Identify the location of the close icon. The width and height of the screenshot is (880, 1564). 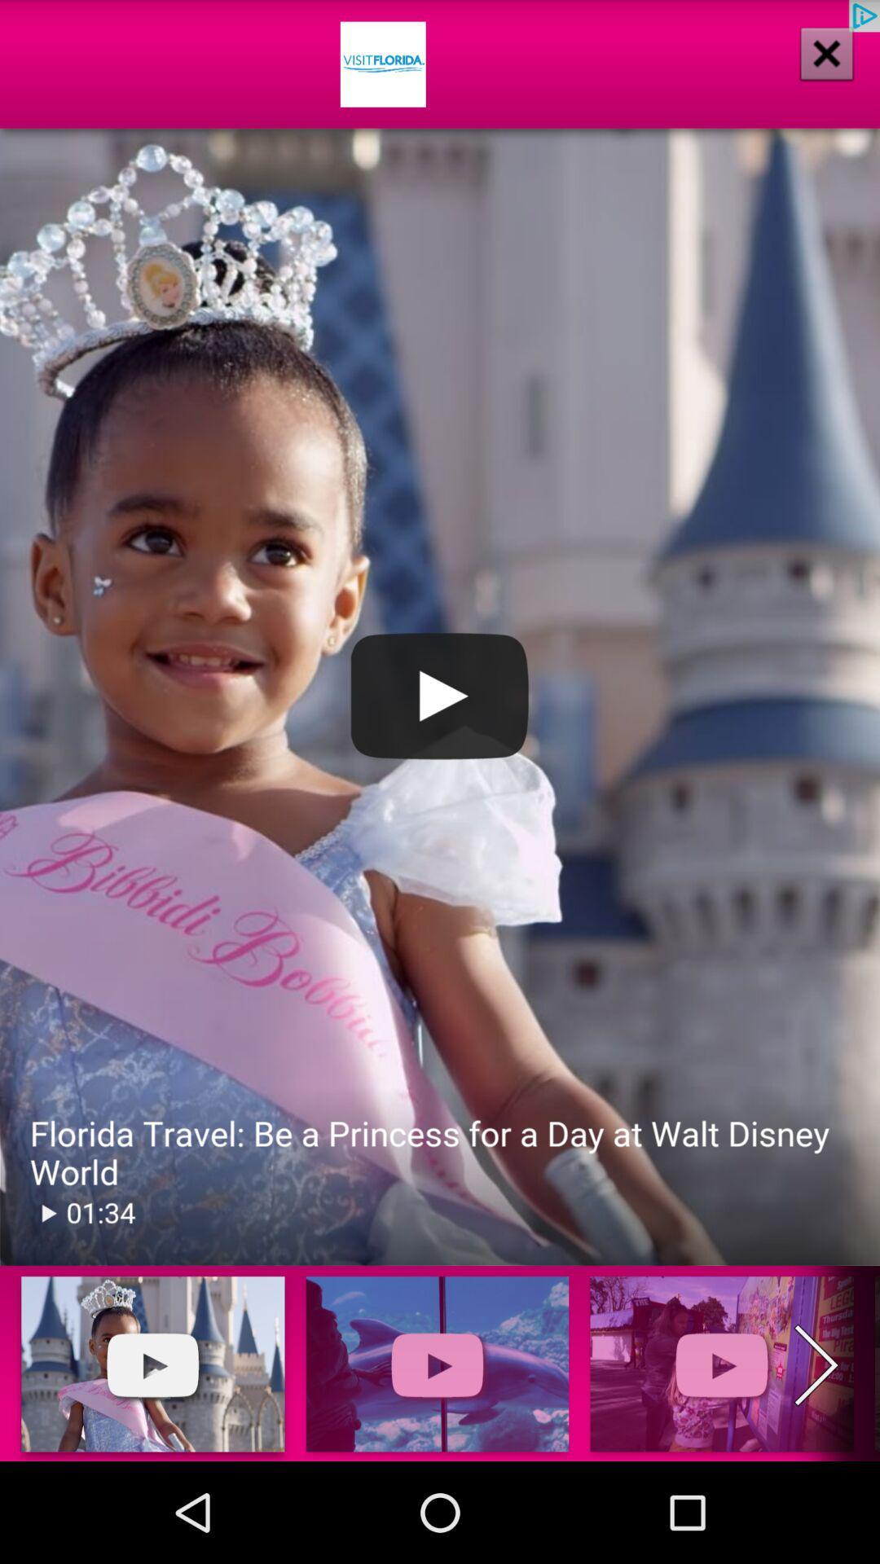
(826, 57).